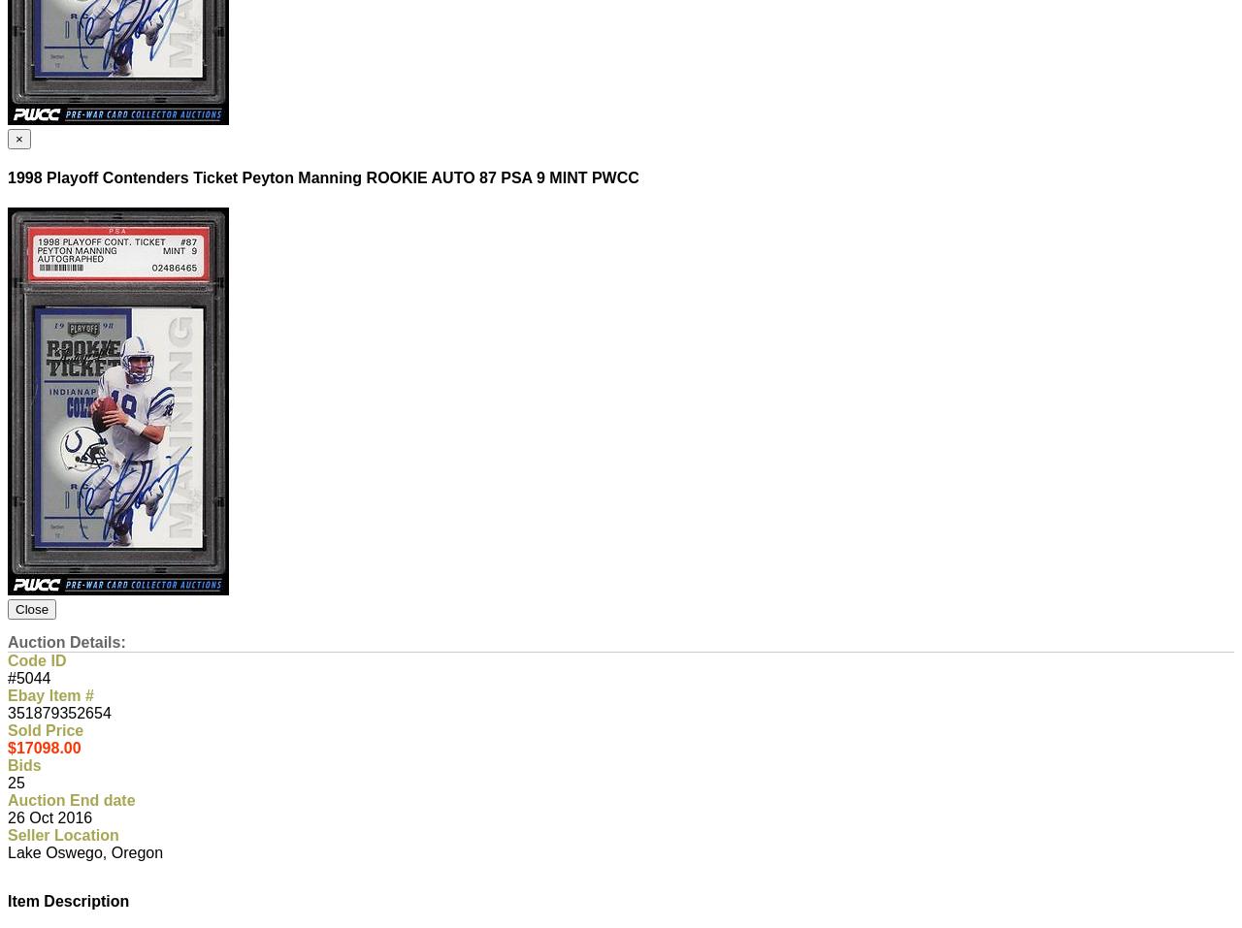  Describe the element at coordinates (16, 782) in the screenshot. I see `'25'` at that location.